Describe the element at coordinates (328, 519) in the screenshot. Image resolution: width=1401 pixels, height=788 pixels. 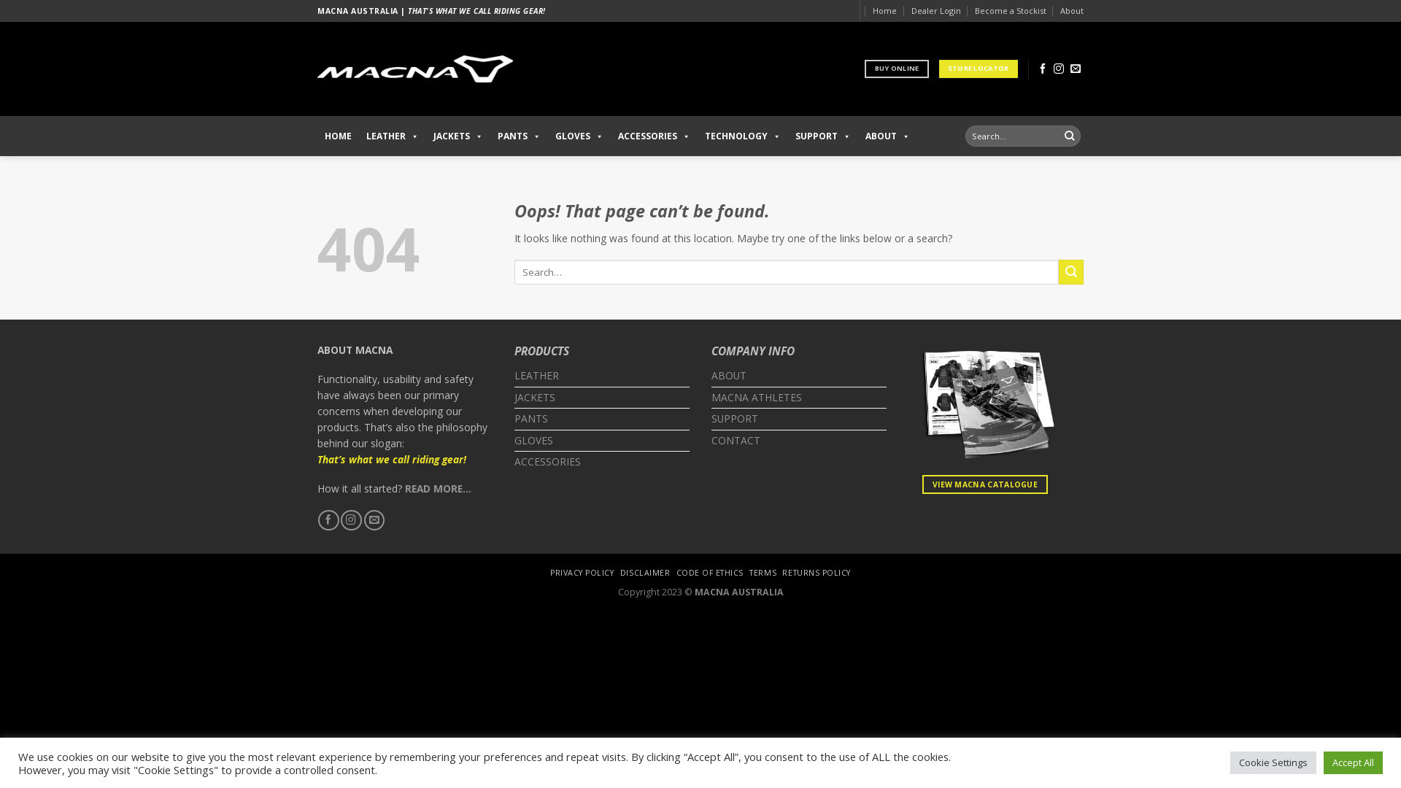
I see `'Follow on Facebook'` at that location.